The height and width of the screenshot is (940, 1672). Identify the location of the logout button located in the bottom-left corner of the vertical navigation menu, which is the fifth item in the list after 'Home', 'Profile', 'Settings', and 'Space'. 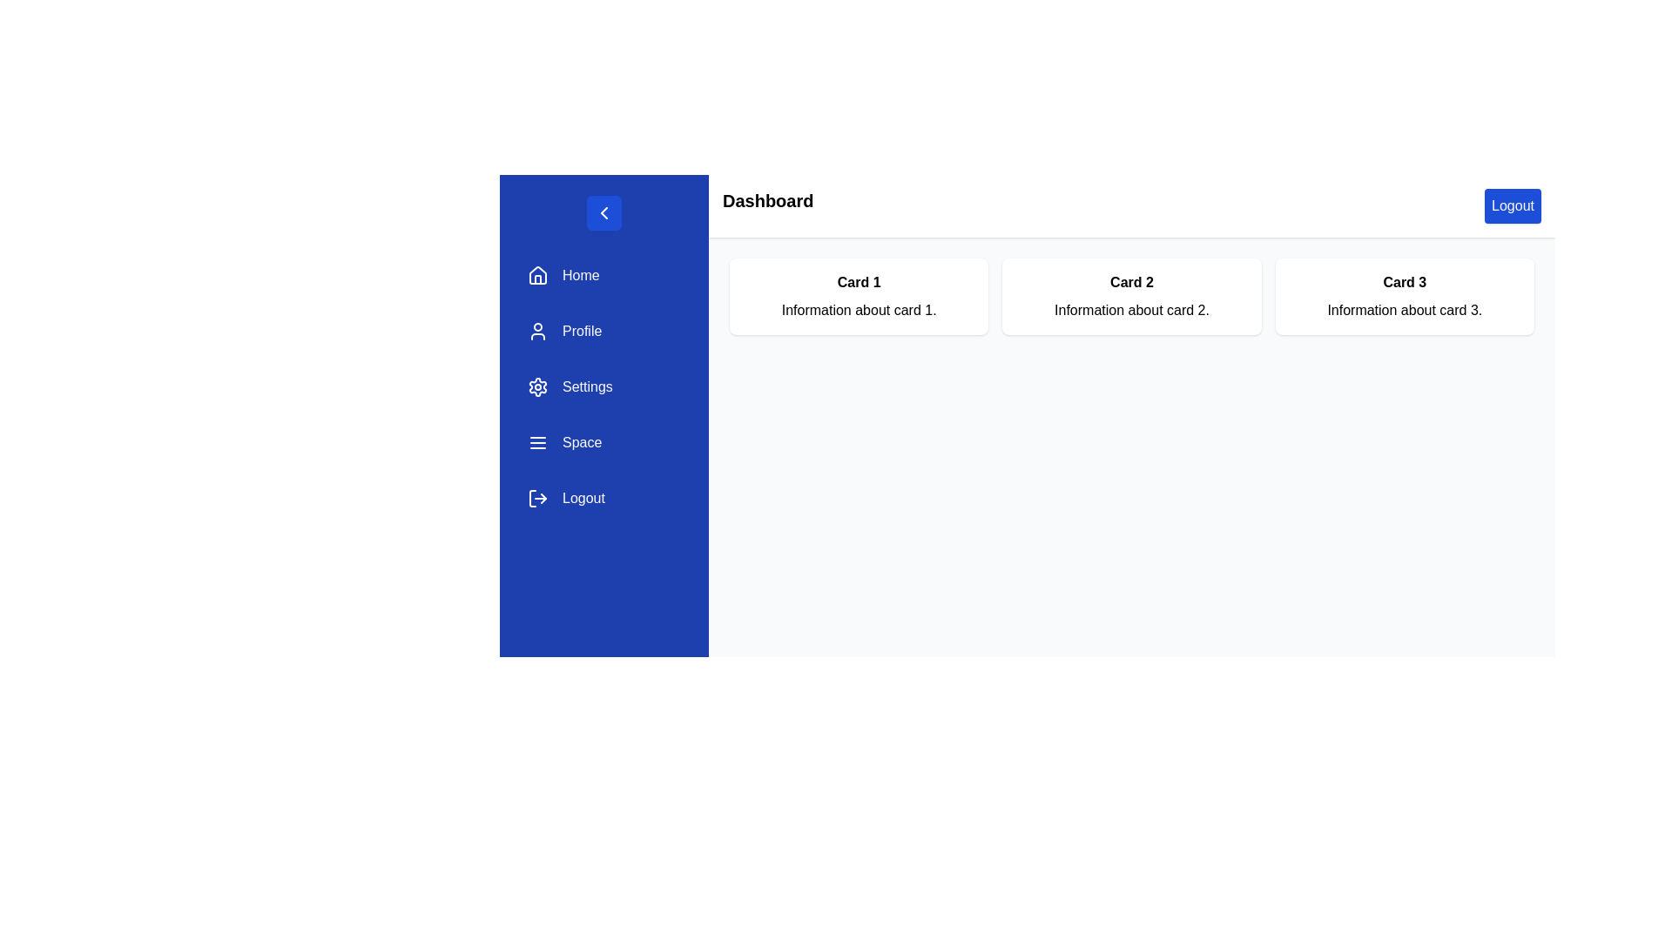
(604, 499).